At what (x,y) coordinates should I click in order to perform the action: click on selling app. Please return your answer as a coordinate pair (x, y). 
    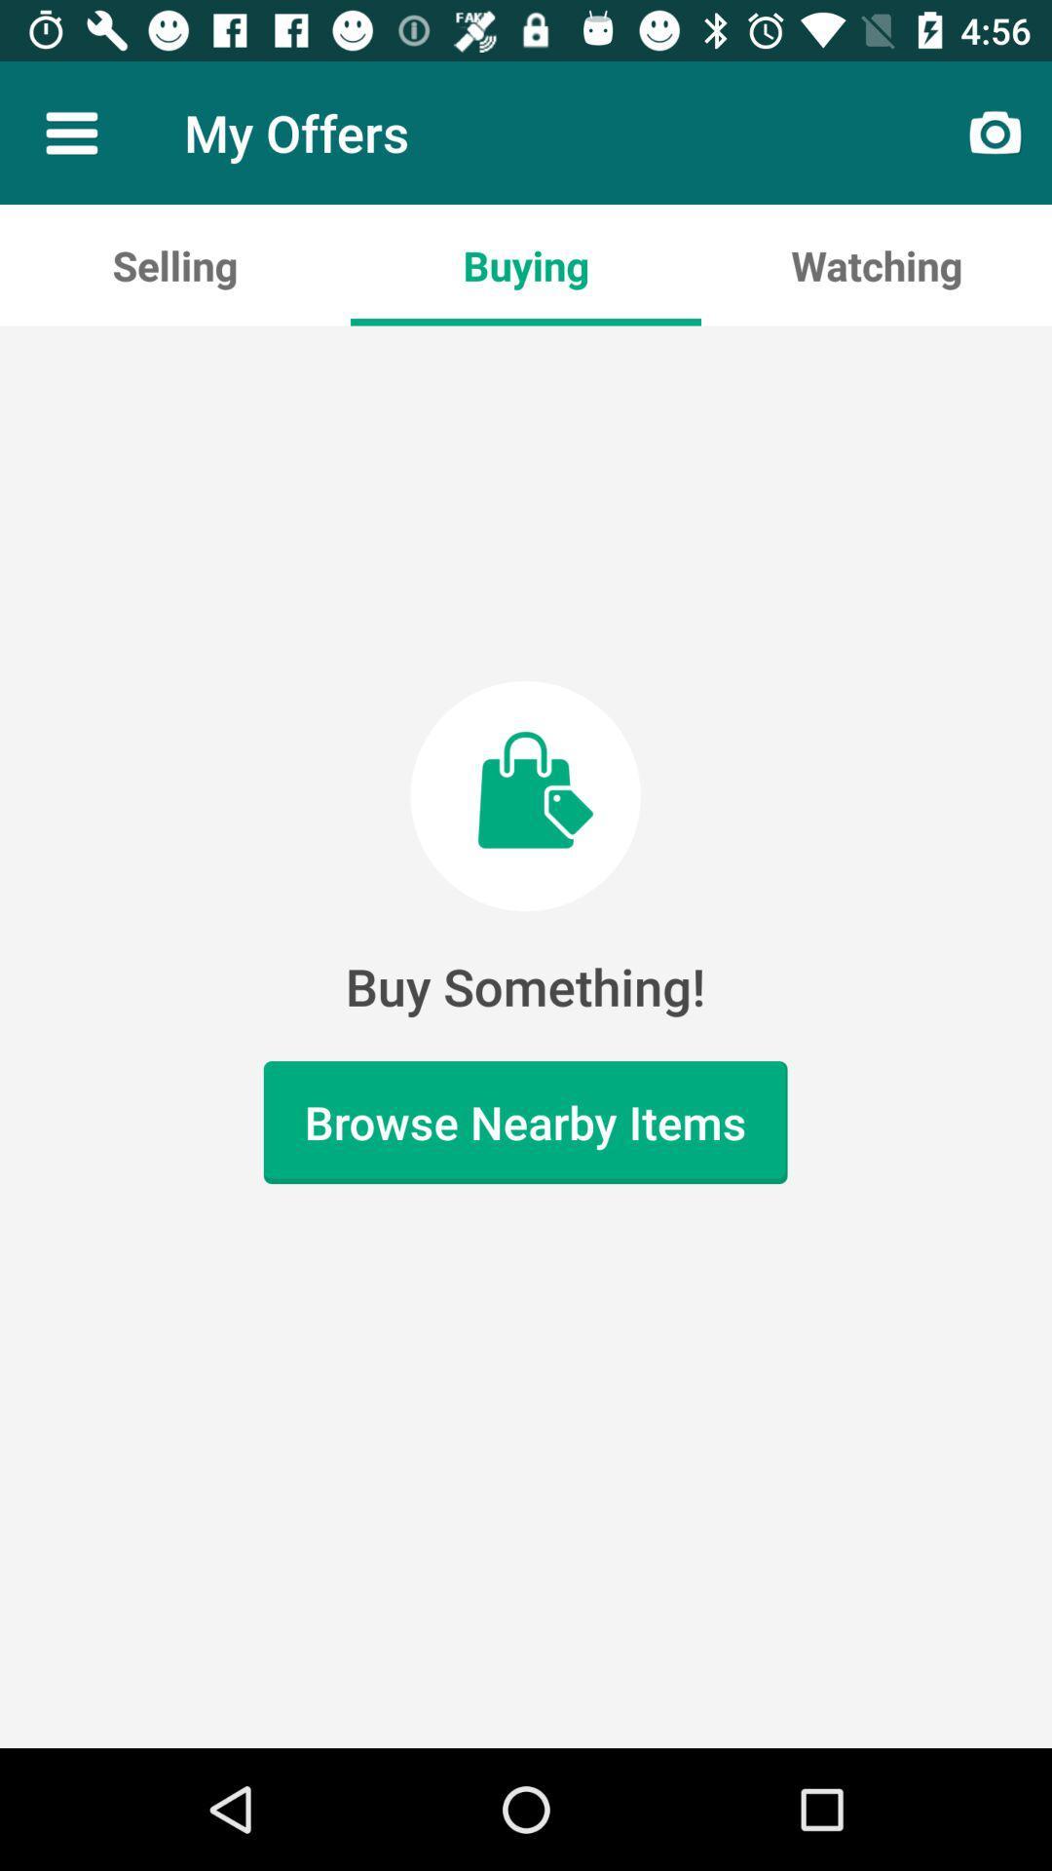
    Looking at the image, I should click on (175, 264).